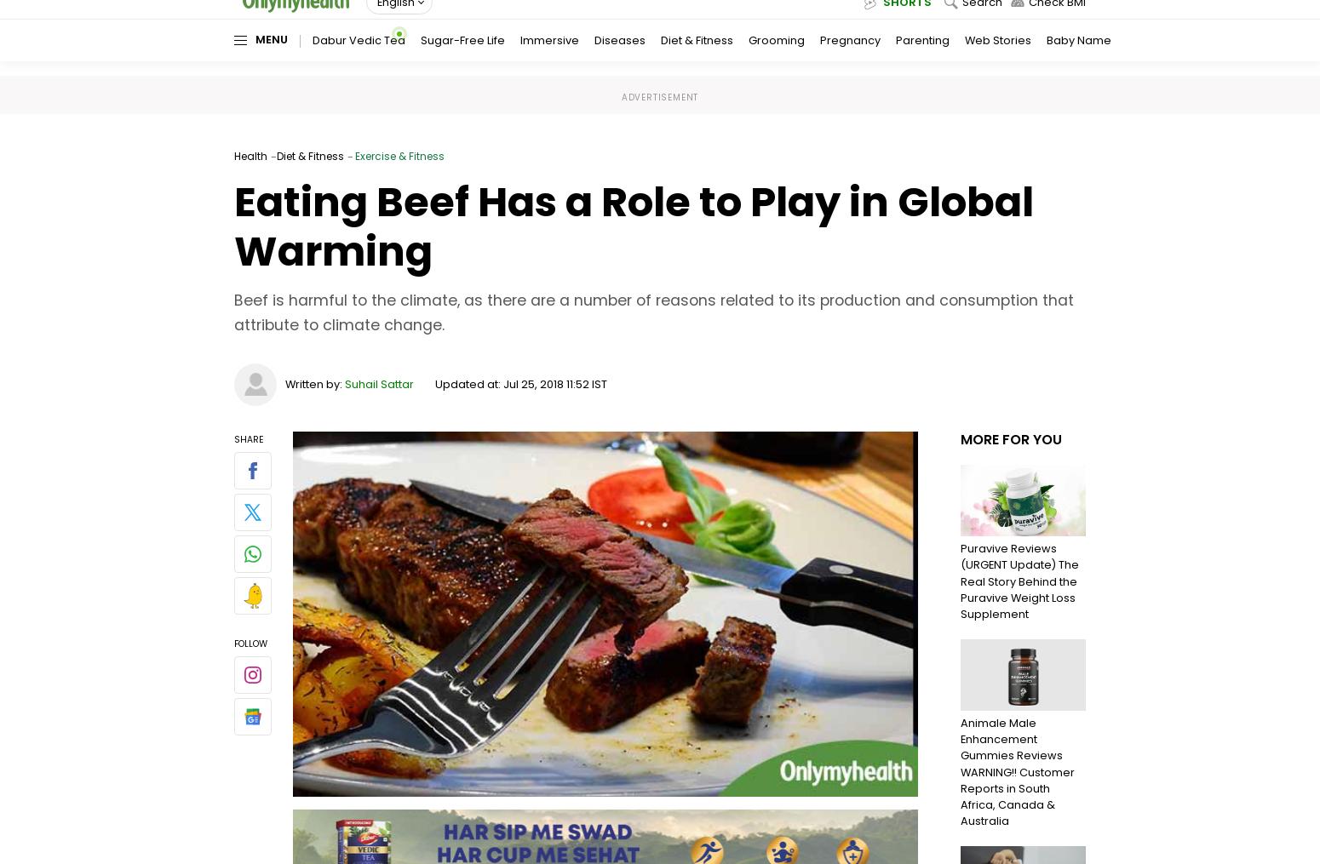  I want to click on 'diet & fitness', so click(276, 155).